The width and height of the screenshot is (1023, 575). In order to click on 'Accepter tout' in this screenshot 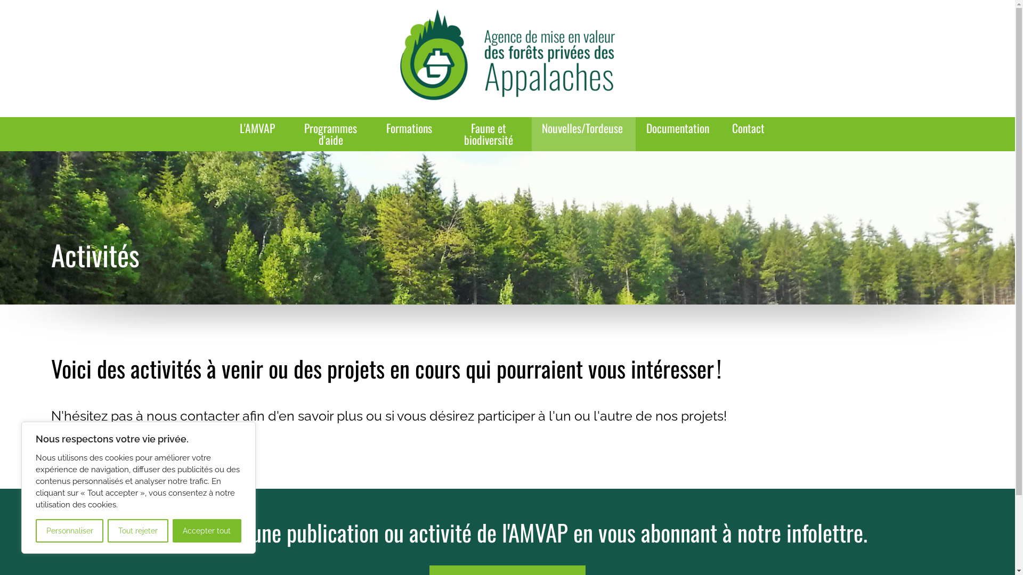, I will do `click(207, 530)`.